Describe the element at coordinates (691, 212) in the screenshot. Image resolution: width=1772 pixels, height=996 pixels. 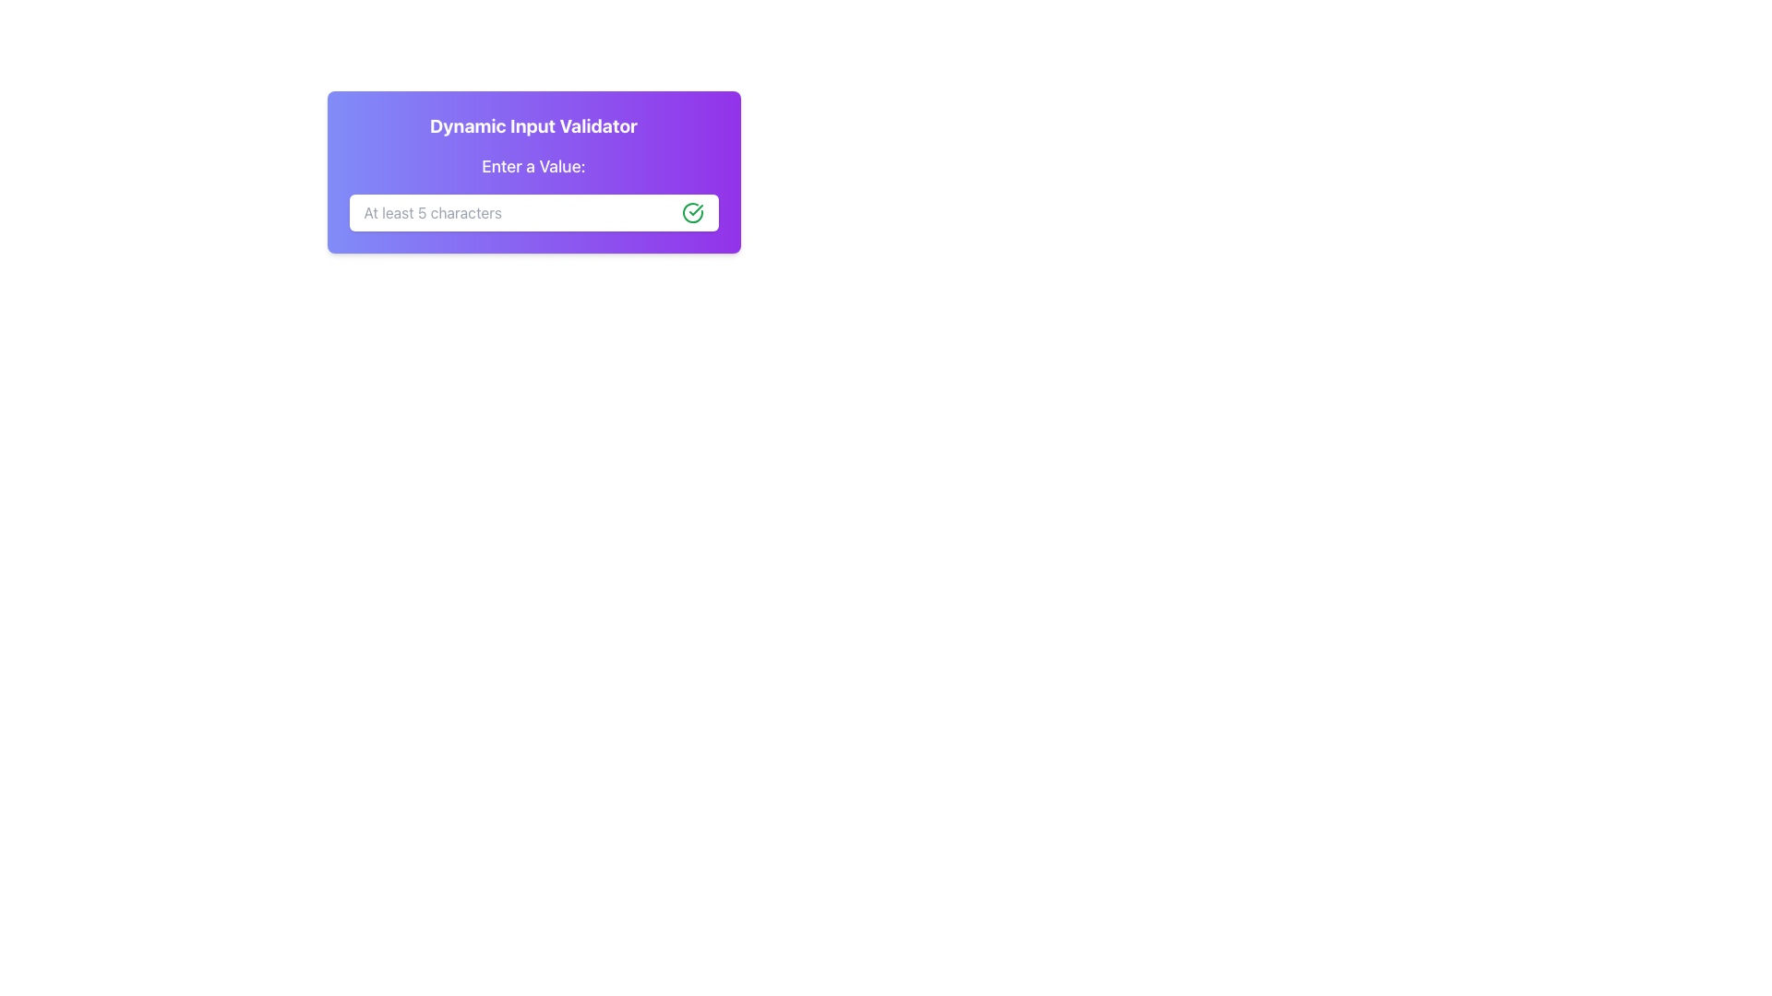
I see `the static icon located at the right end of the text input field under the 'Enter a Value' section, which indicates that the input meets validation requirements` at that location.